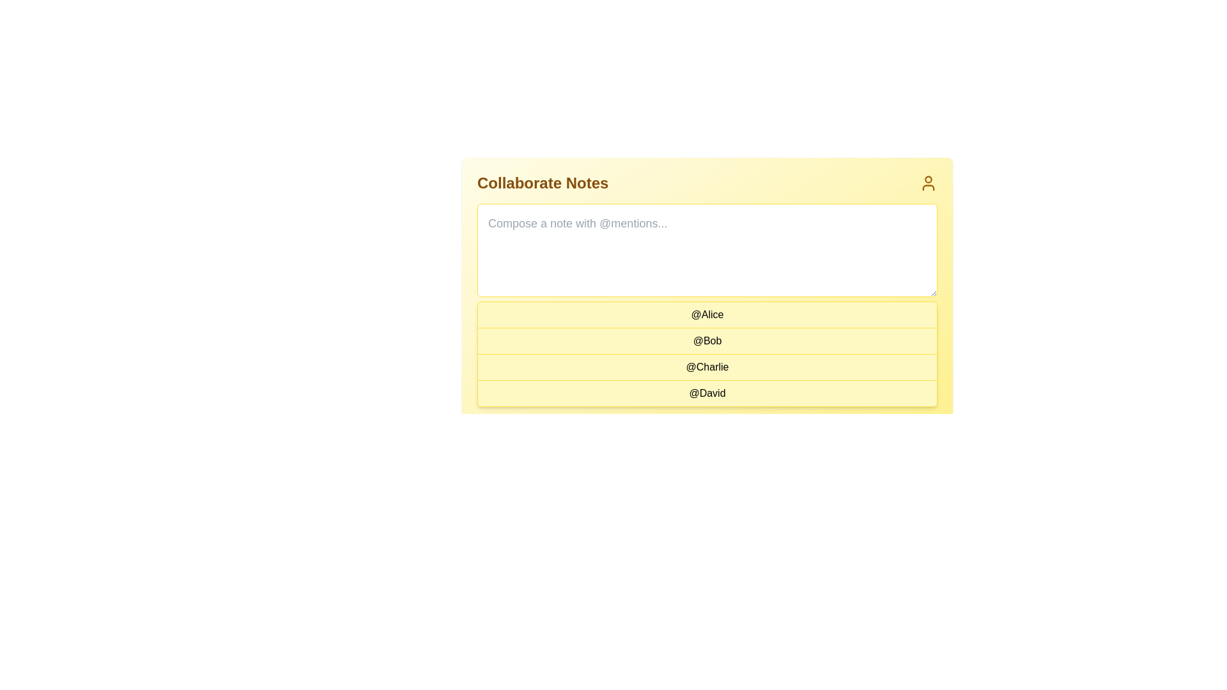 The height and width of the screenshot is (690, 1227). I want to click on the clickable list item labeled '@Charlie', which is styled with black text on a light yellow background, so click(707, 367).